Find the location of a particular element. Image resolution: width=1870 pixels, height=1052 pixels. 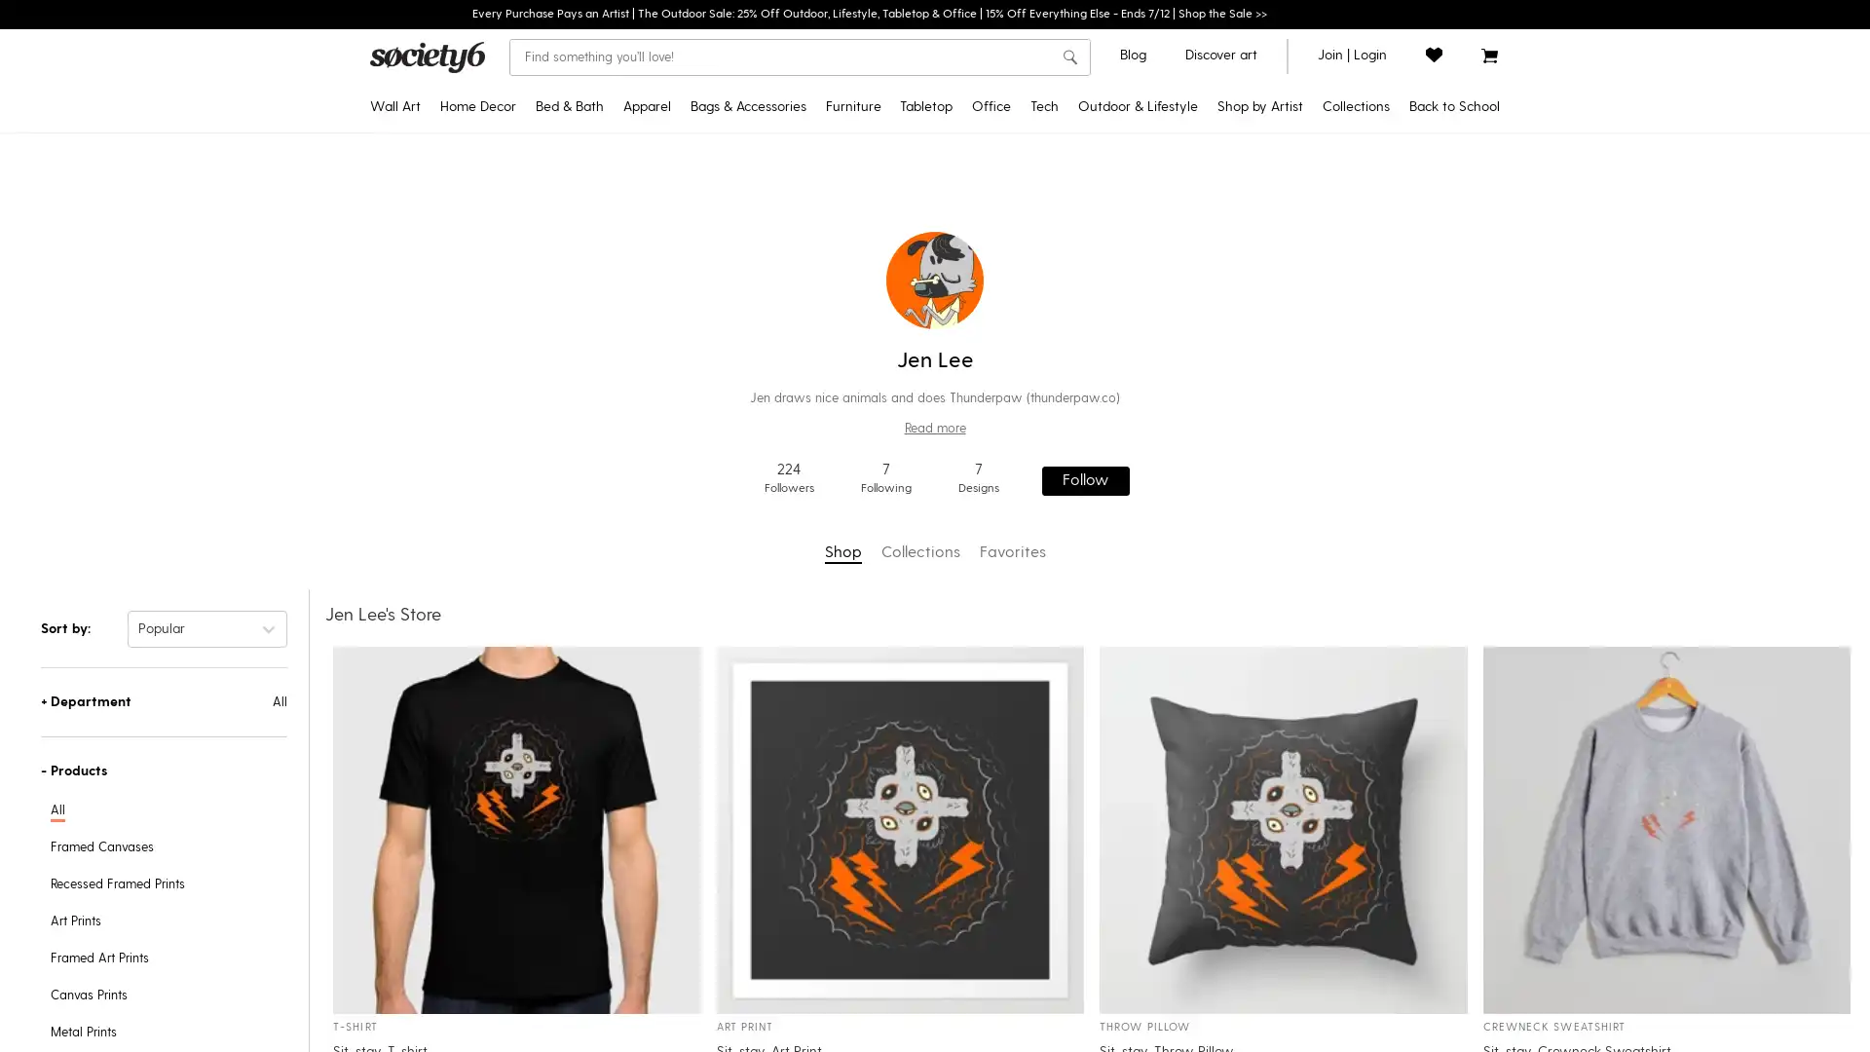

Office is located at coordinates (991, 107).